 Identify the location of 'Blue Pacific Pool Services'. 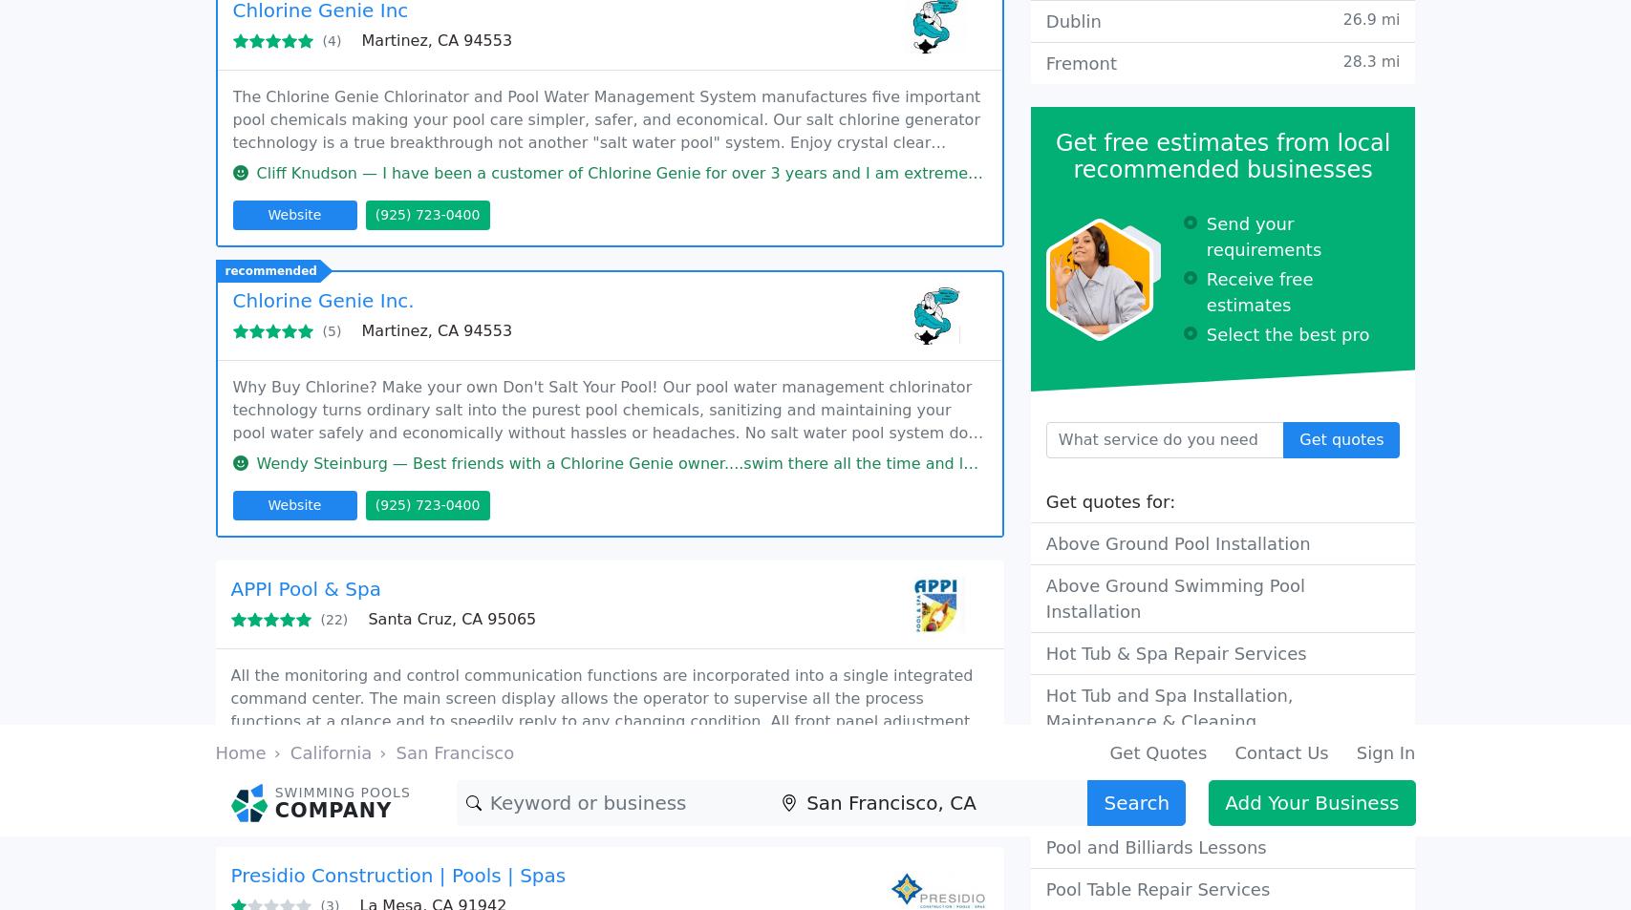
(351, 582).